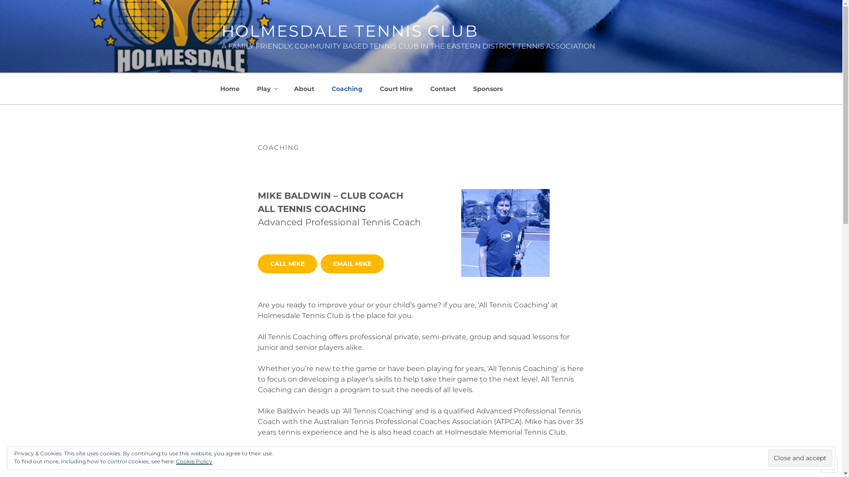 The width and height of the screenshot is (849, 477). I want to click on 'Contact', so click(443, 88).